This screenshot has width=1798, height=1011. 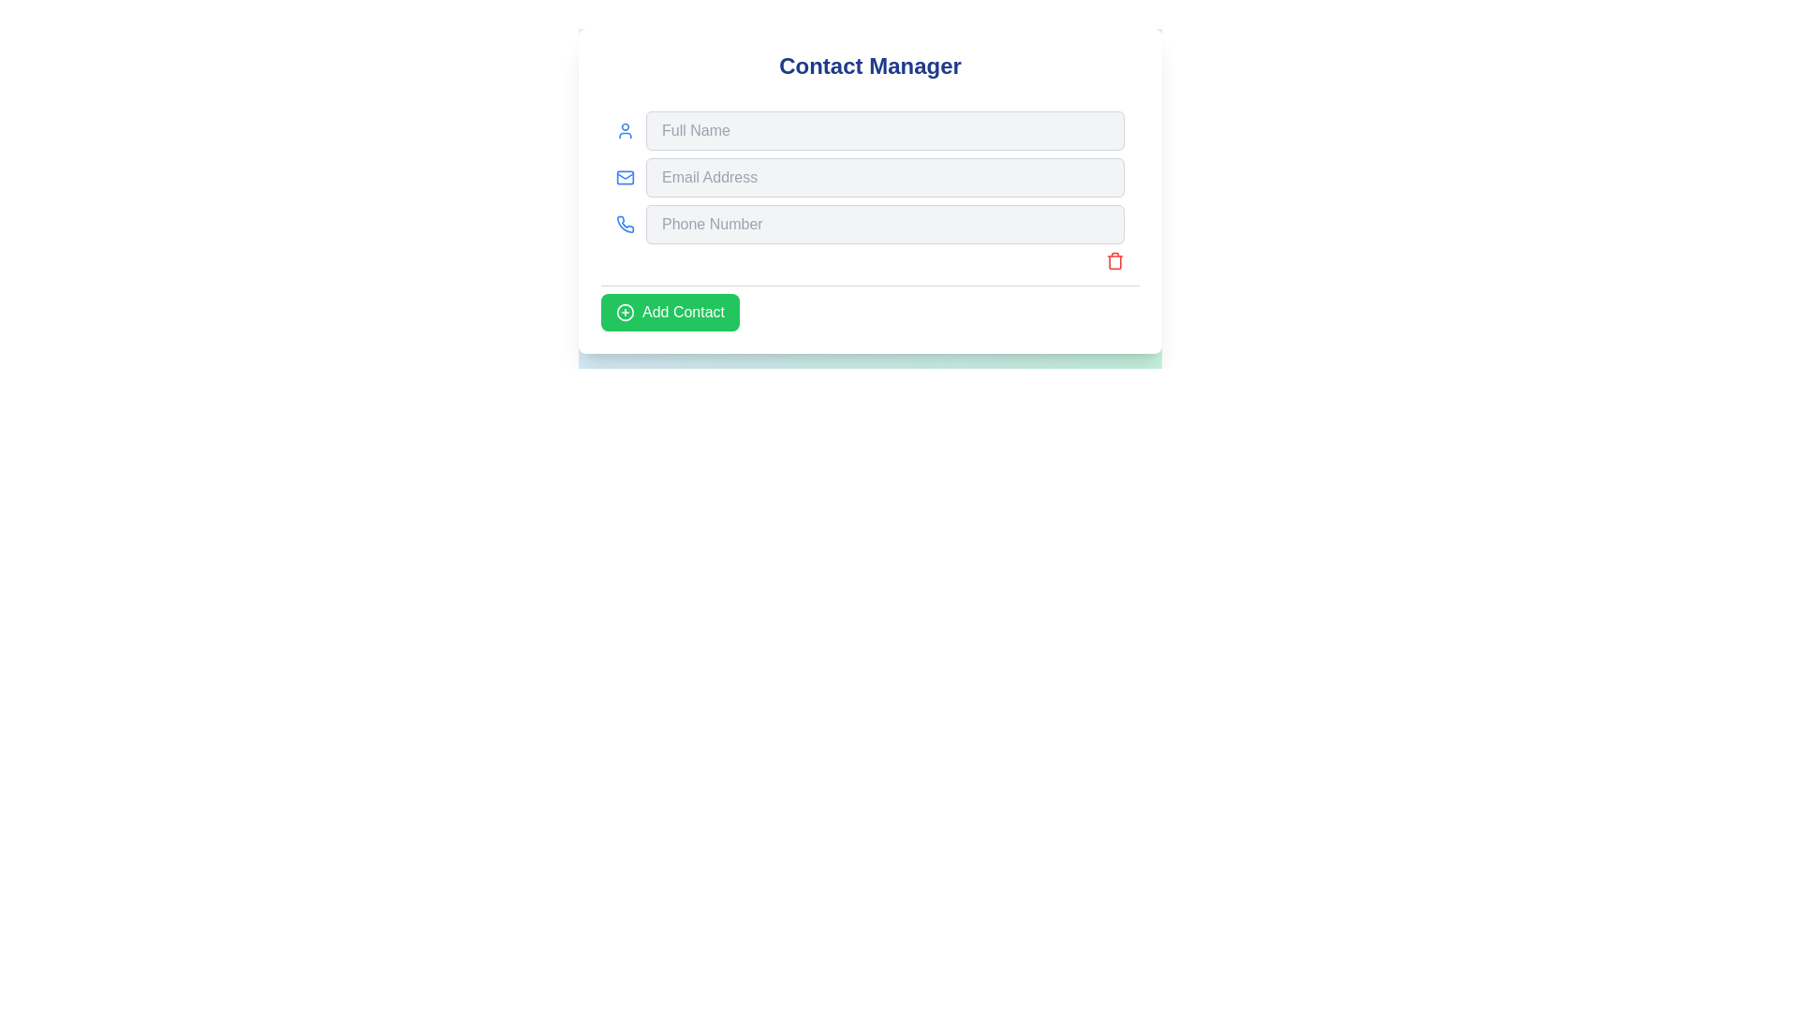 I want to click on the main rectangular body of the mail envelope icon, which signifies email-related functionality, located to the left of the 'Email Address' input field, so click(x=625, y=177).